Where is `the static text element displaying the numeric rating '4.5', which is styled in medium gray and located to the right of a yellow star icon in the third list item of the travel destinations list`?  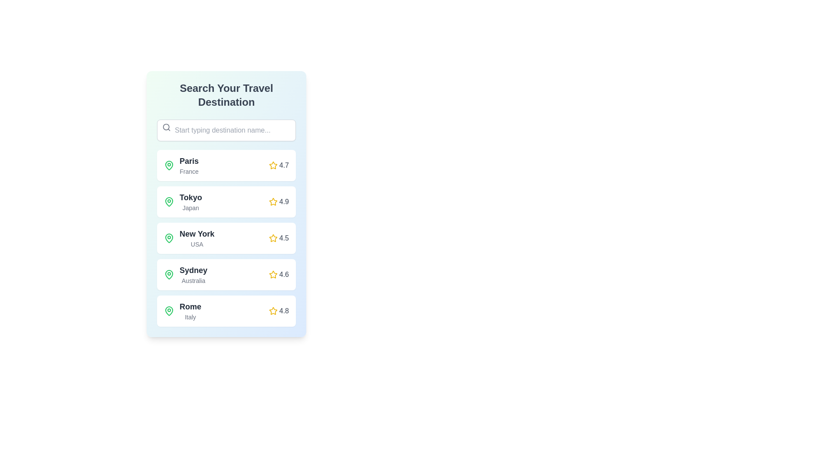
the static text element displaying the numeric rating '4.5', which is styled in medium gray and located to the right of a yellow star icon in the third list item of the travel destinations list is located at coordinates (284, 238).